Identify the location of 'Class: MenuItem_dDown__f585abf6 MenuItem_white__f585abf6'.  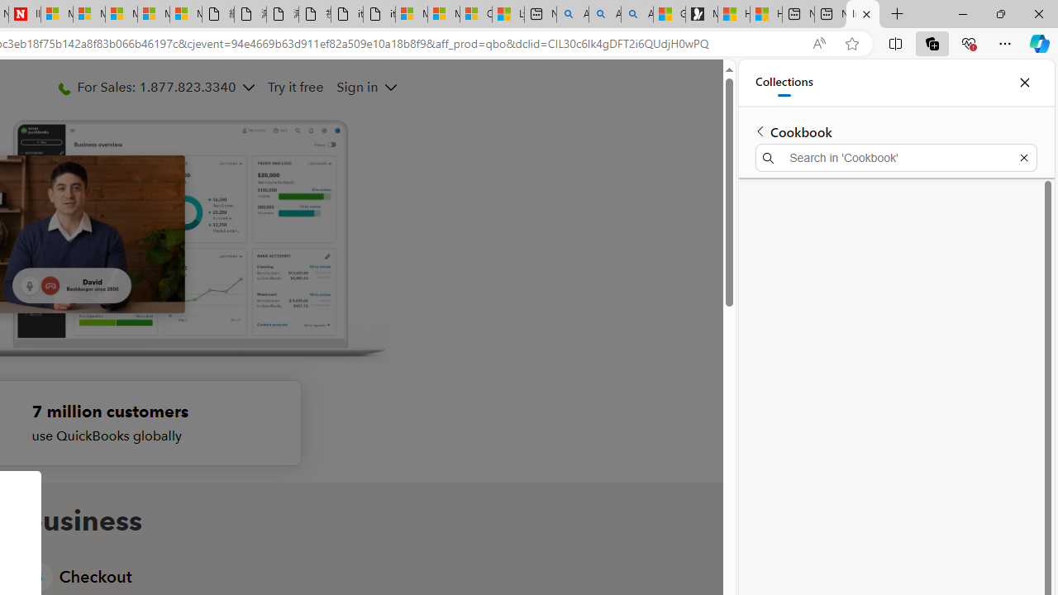
(389, 88).